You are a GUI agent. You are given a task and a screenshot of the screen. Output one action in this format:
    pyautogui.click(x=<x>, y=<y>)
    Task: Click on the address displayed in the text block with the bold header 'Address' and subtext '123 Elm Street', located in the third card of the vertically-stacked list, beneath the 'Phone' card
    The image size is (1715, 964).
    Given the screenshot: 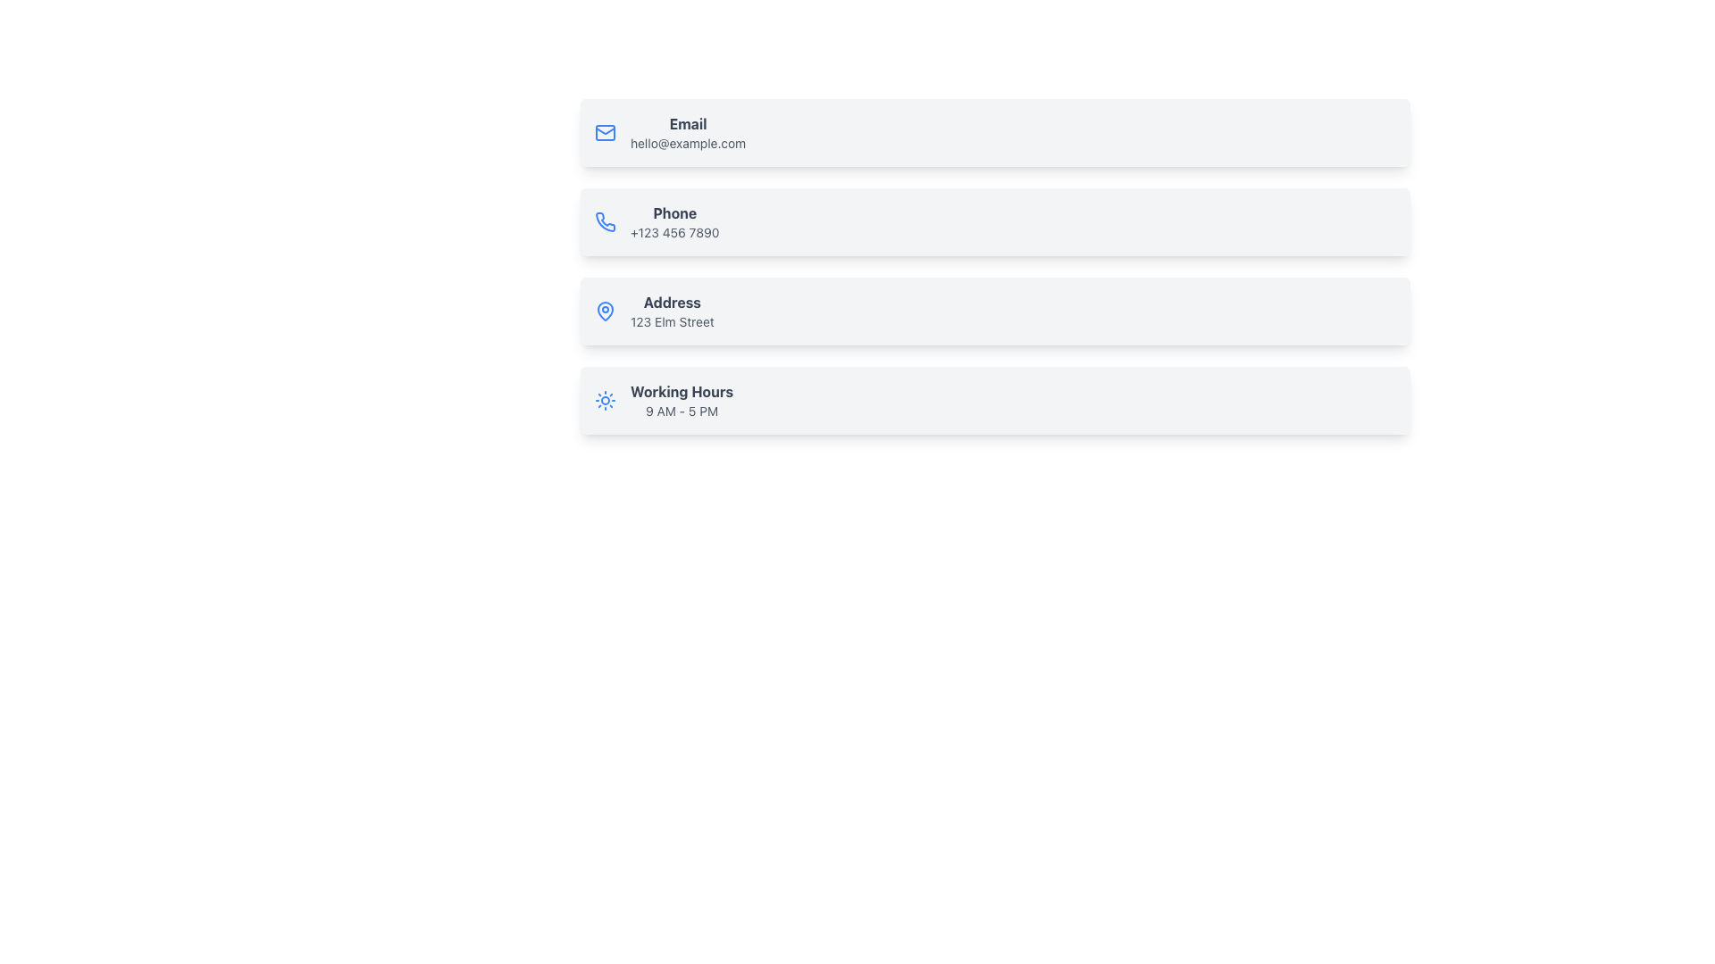 What is the action you would take?
    pyautogui.click(x=671, y=310)
    